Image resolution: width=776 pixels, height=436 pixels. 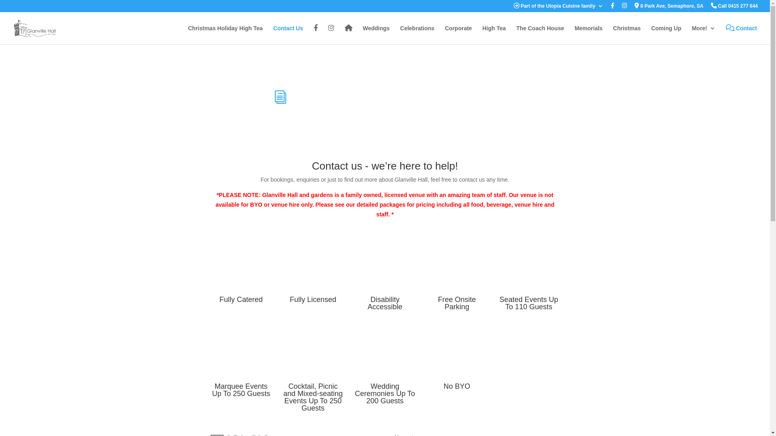 What do you see at coordinates (741, 34) in the screenshot?
I see `'Contact'` at bounding box center [741, 34].